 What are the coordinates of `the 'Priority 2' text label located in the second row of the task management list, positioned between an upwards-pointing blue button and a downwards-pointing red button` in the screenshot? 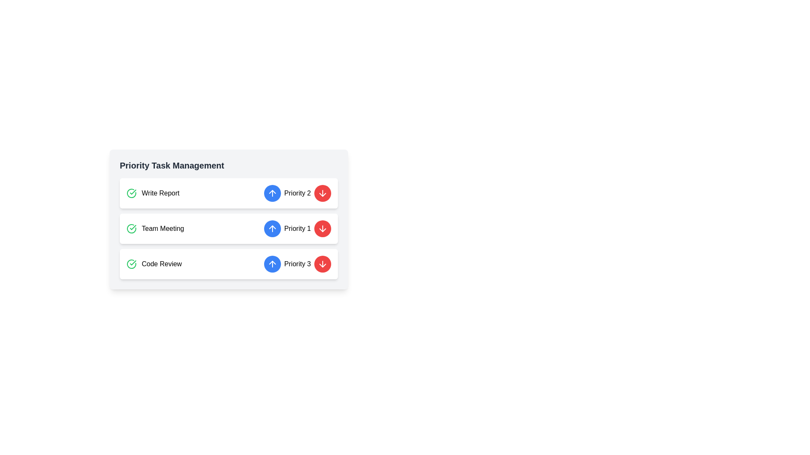 It's located at (297, 193).